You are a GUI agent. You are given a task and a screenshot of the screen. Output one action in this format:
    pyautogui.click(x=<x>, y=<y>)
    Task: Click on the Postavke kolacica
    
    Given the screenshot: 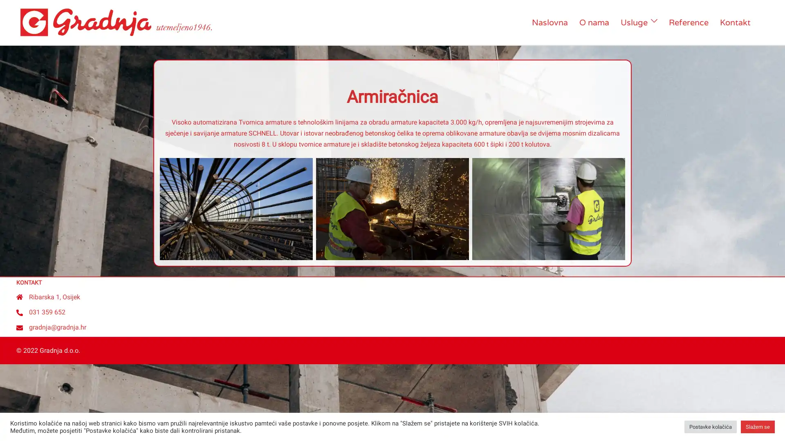 What is the action you would take?
    pyautogui.click(x=710, y=426)
    